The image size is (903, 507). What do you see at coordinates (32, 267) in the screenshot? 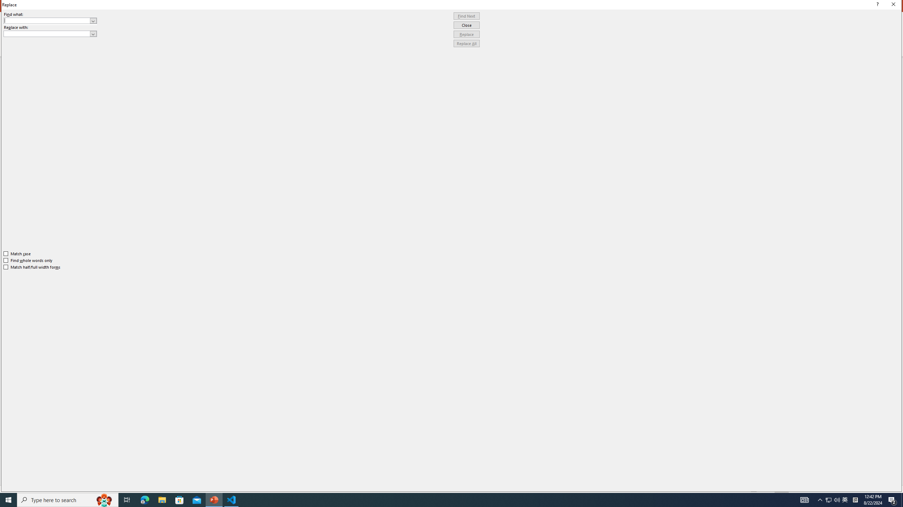
I see `'Match half/full width forms'` at bounding box center [32, 267].